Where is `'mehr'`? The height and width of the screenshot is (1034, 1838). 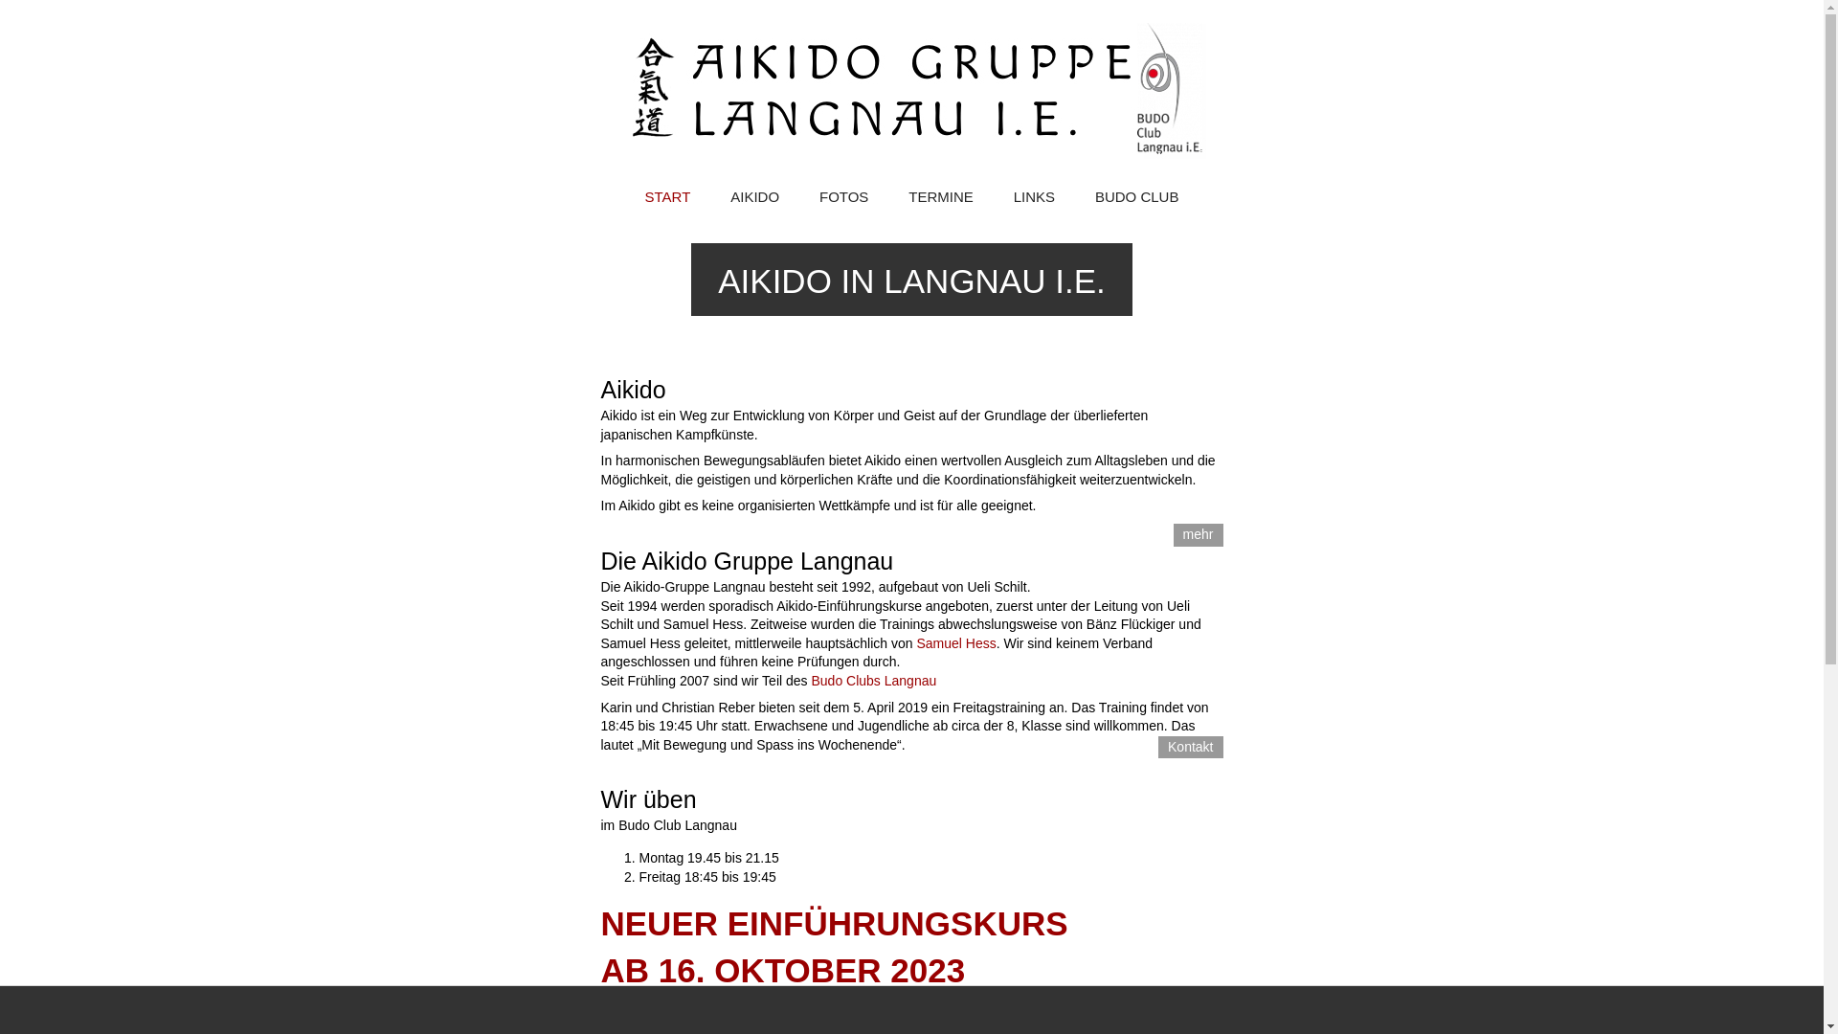
'mehr' is located at coordinates (1198, 535).